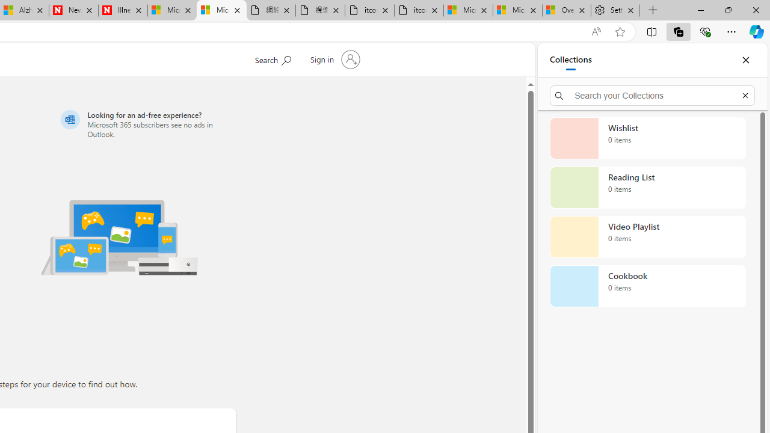 The image size is (770, 433). What do you see at coordinates (647, 138) in the screenshot?
I see `'Wishlist collection, 0 items'` at bounding box center [647, 138].